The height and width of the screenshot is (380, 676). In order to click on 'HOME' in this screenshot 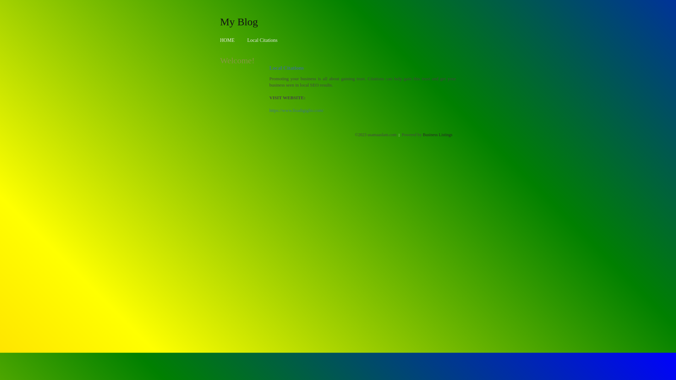, I will do `click(219, 40)`.